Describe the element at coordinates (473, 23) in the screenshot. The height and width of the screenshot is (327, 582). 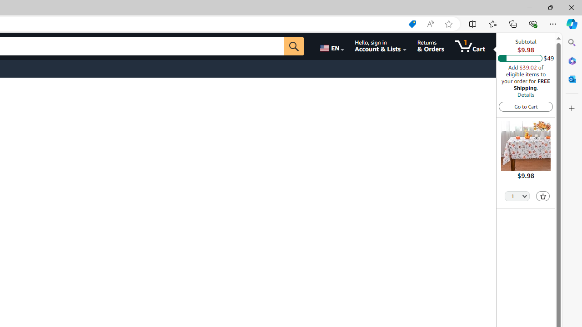
I see `'Split screen'` at that location.